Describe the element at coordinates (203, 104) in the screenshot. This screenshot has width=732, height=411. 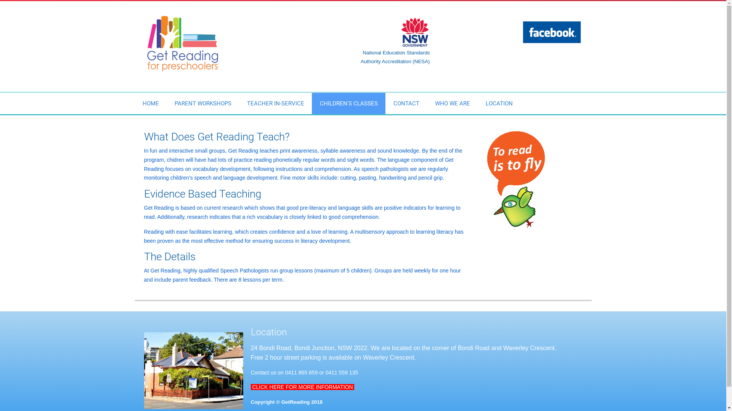
I see `'PARENT WORKSHOPS'` at that location.